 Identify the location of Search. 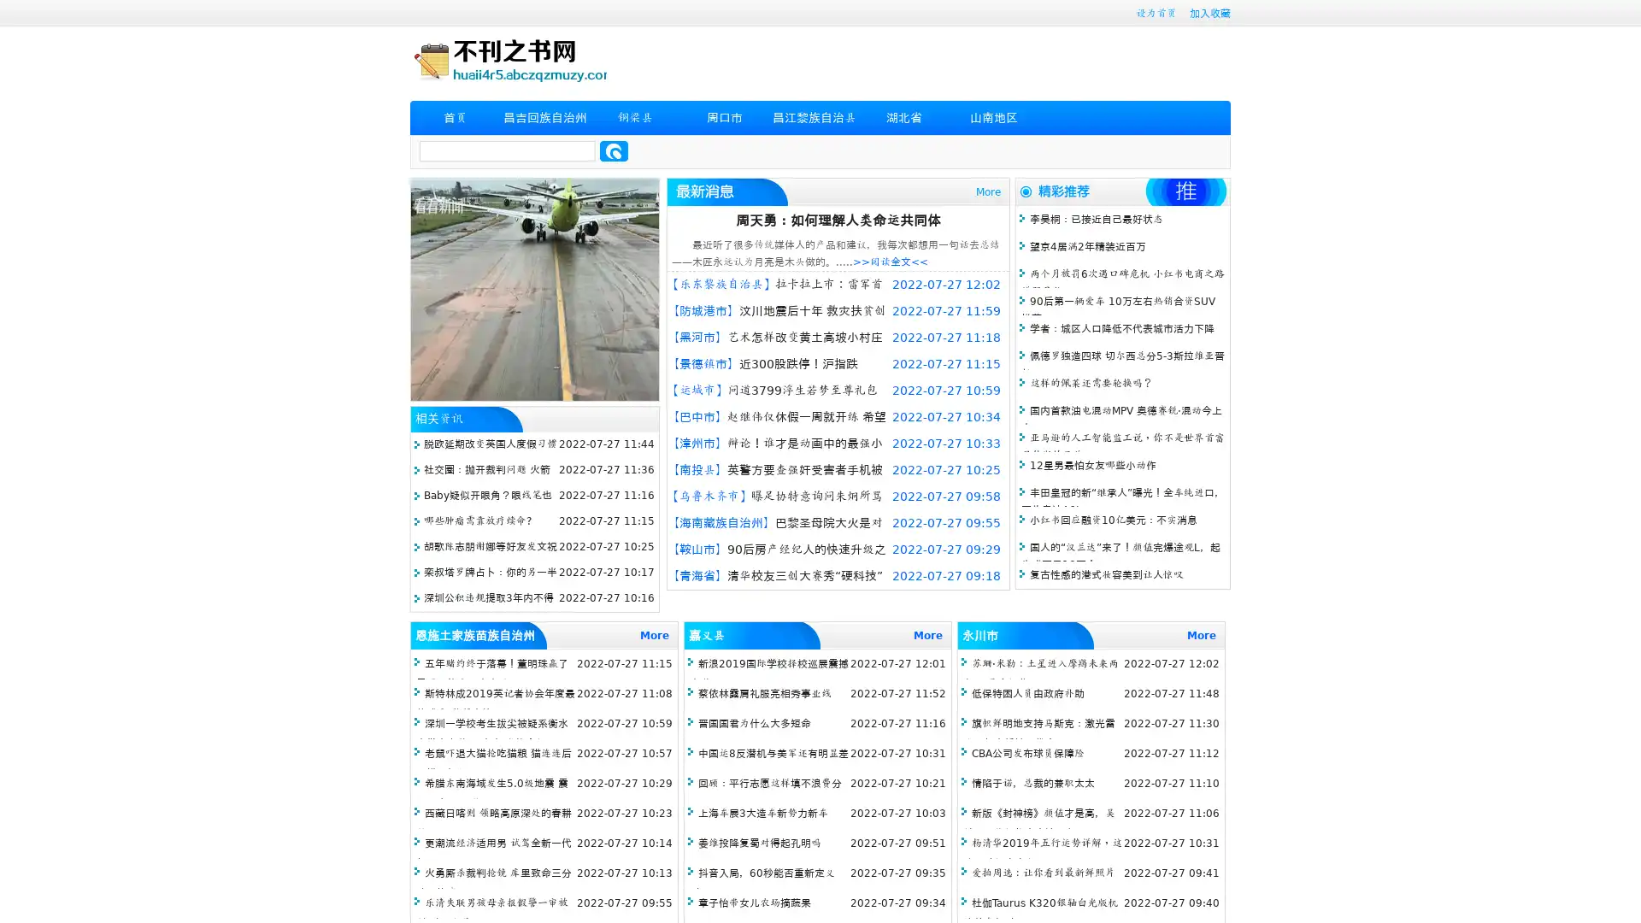
(614, 150).